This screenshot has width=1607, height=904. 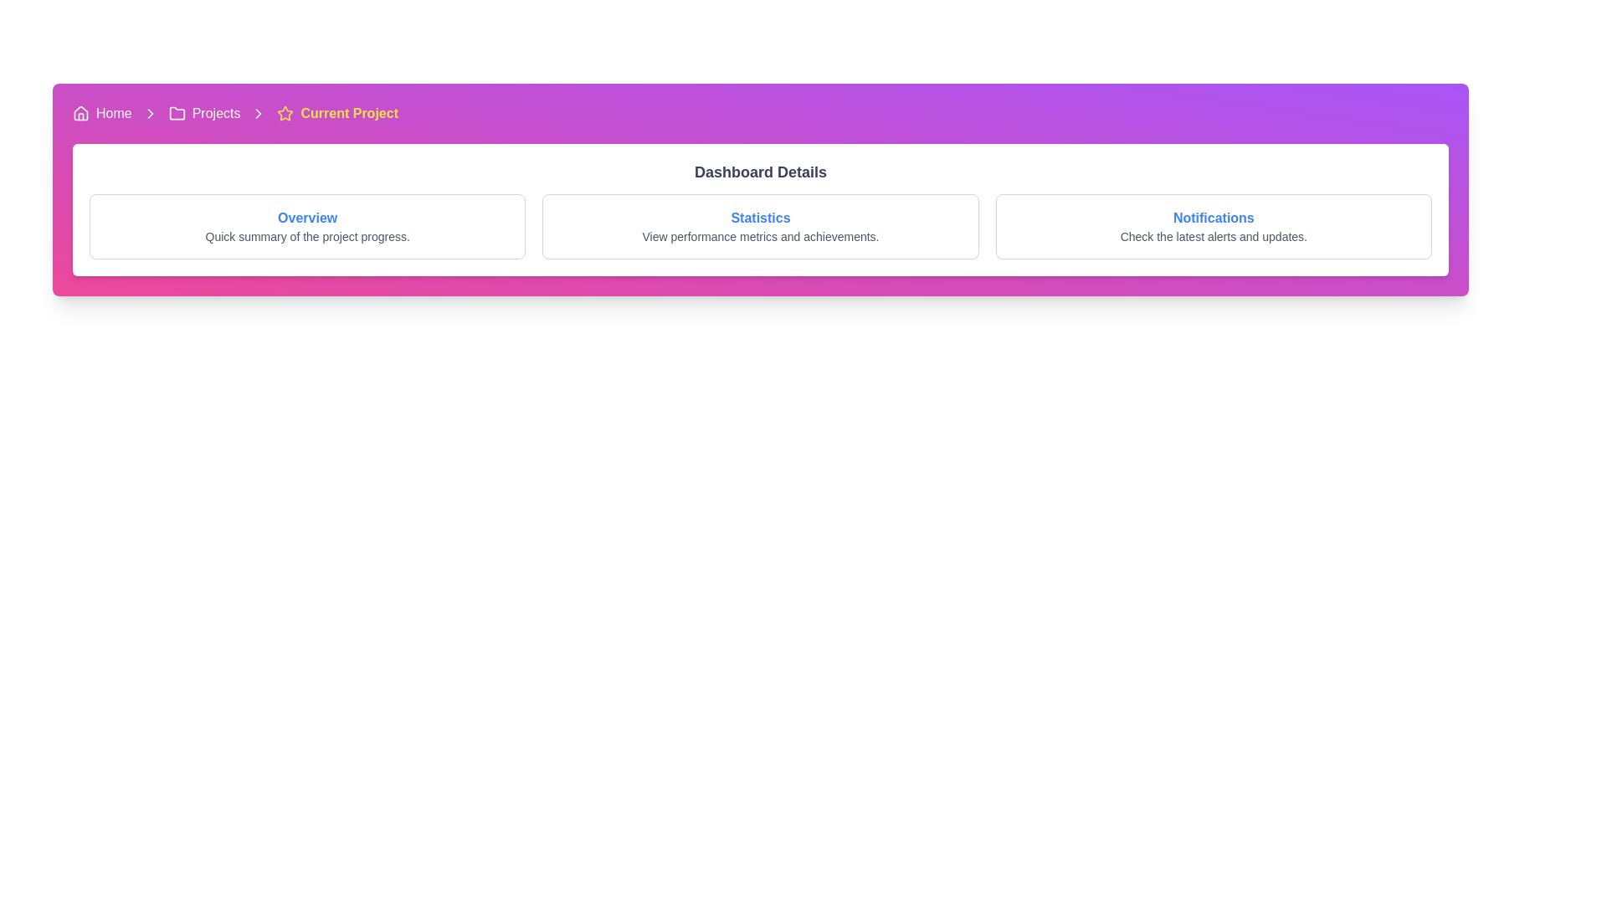 What do you see at coordinates (150, 113) in the screenshot?
I see `the right-facing chevron icon located immediately to the right of the 'Home' label in the breadcrumb navigation bar` at bounding box center [150, 113].